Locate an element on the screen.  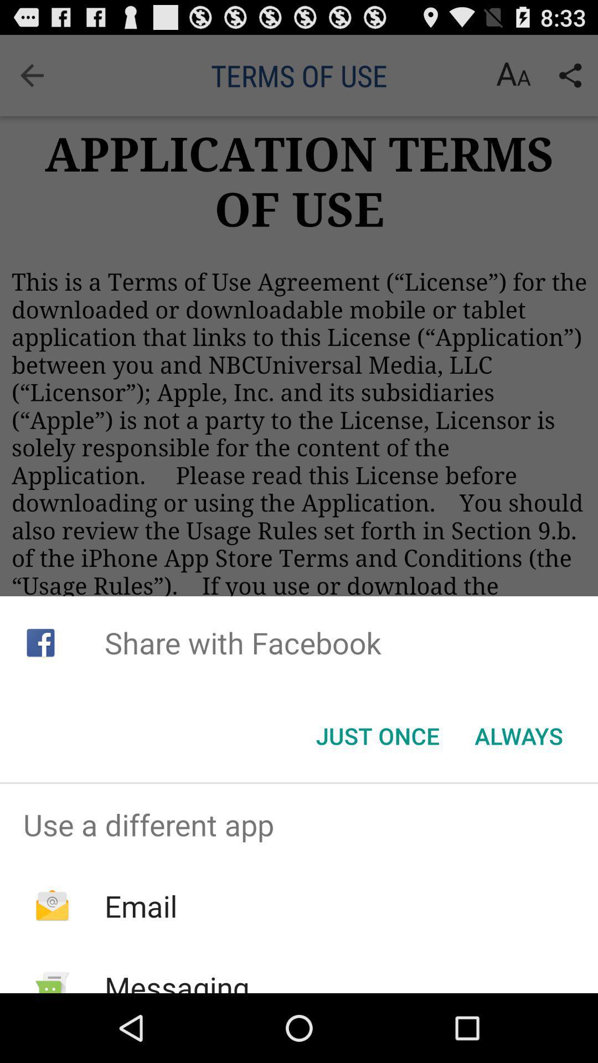
the always button is located at coordinates (519, 736).